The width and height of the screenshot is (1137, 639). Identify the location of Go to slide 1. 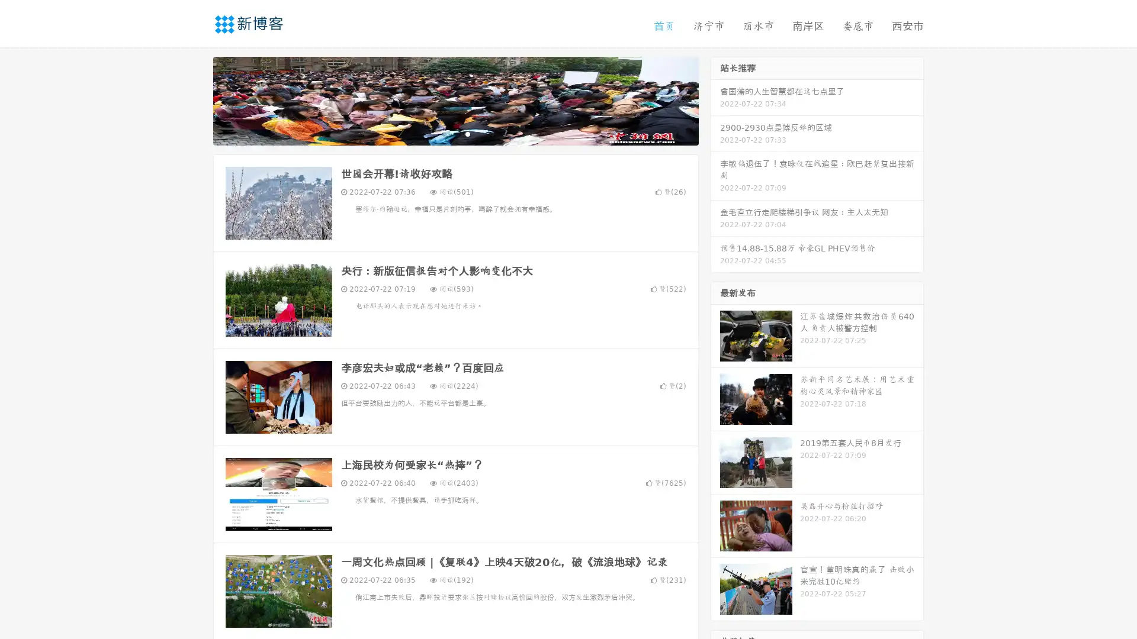
(443, 133).